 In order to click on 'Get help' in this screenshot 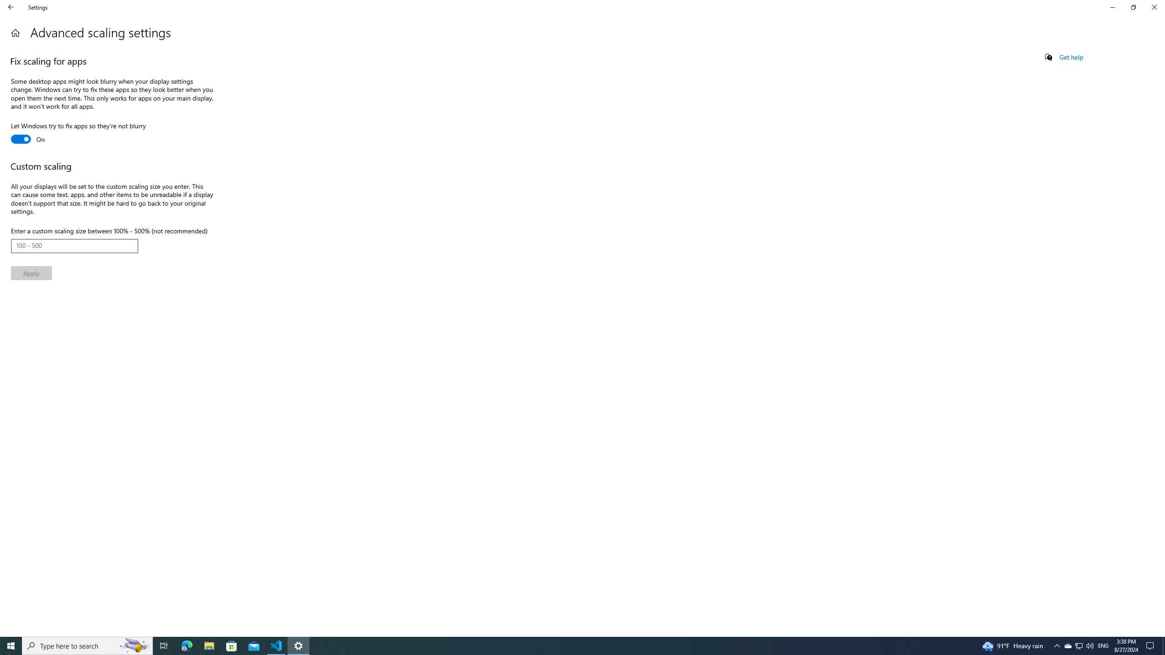, I will do `click(1070, 57)`.